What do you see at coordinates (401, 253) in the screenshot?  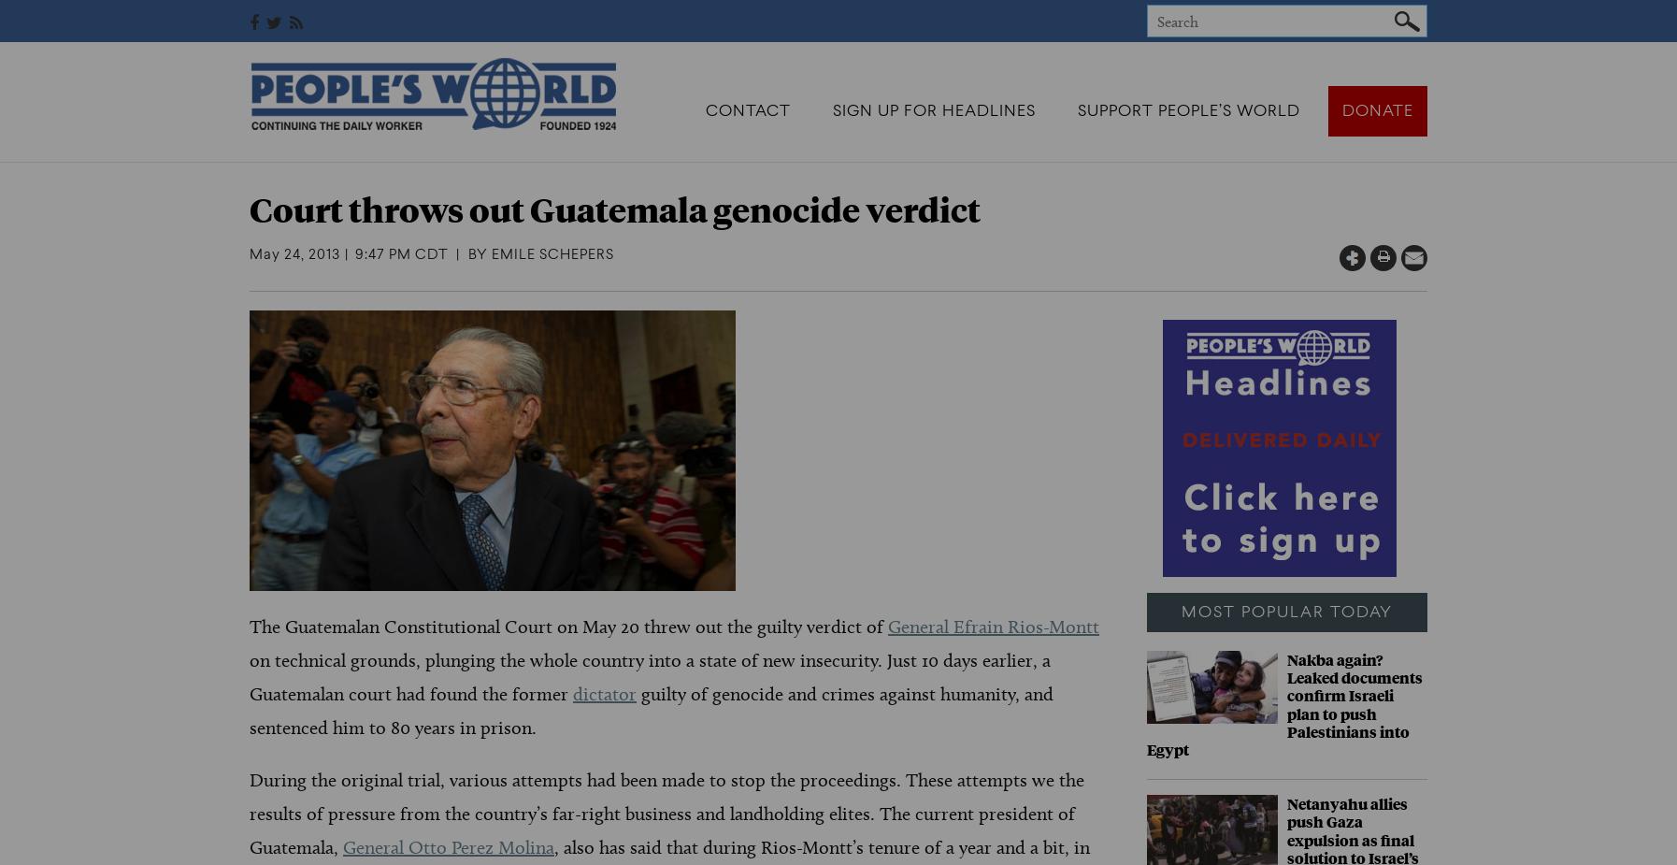 I see `'9:47 PM CDT'` at bounding box center [401, 253].